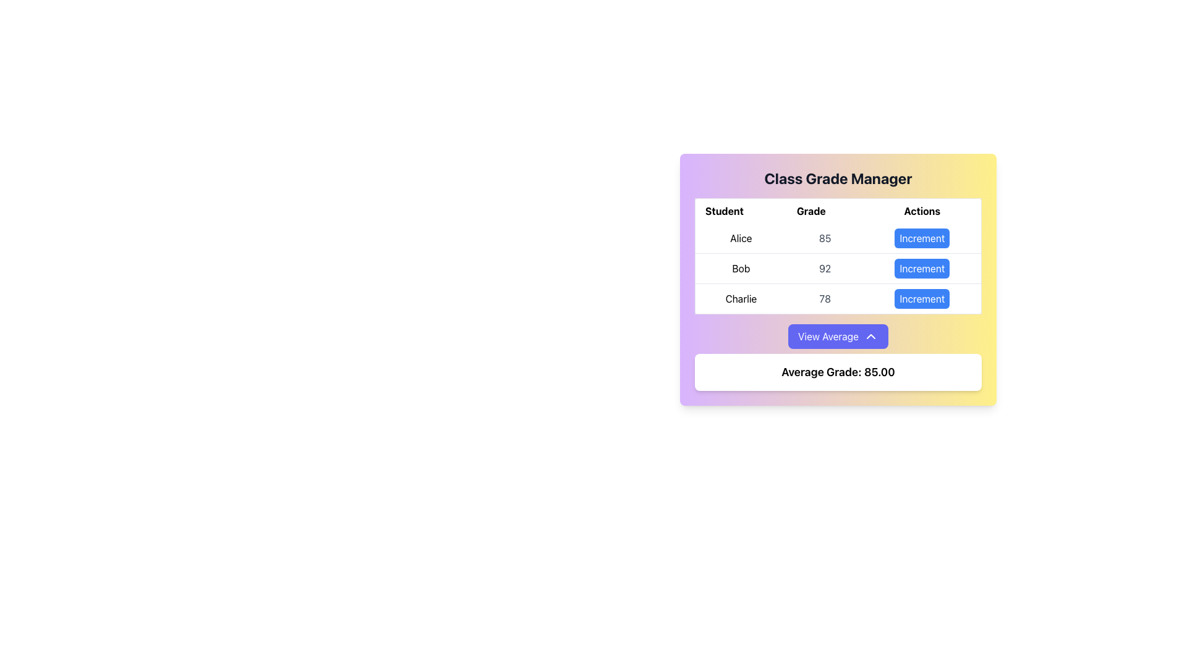 The height and width of the screenshot is (667, 1187). What do you see at coordinates (741, 298) in the screenshot?
I see `the text label displaying the name 'Charlie' in the third row of the grade management table under the 'Student' column` at bounding box center [741, 298].